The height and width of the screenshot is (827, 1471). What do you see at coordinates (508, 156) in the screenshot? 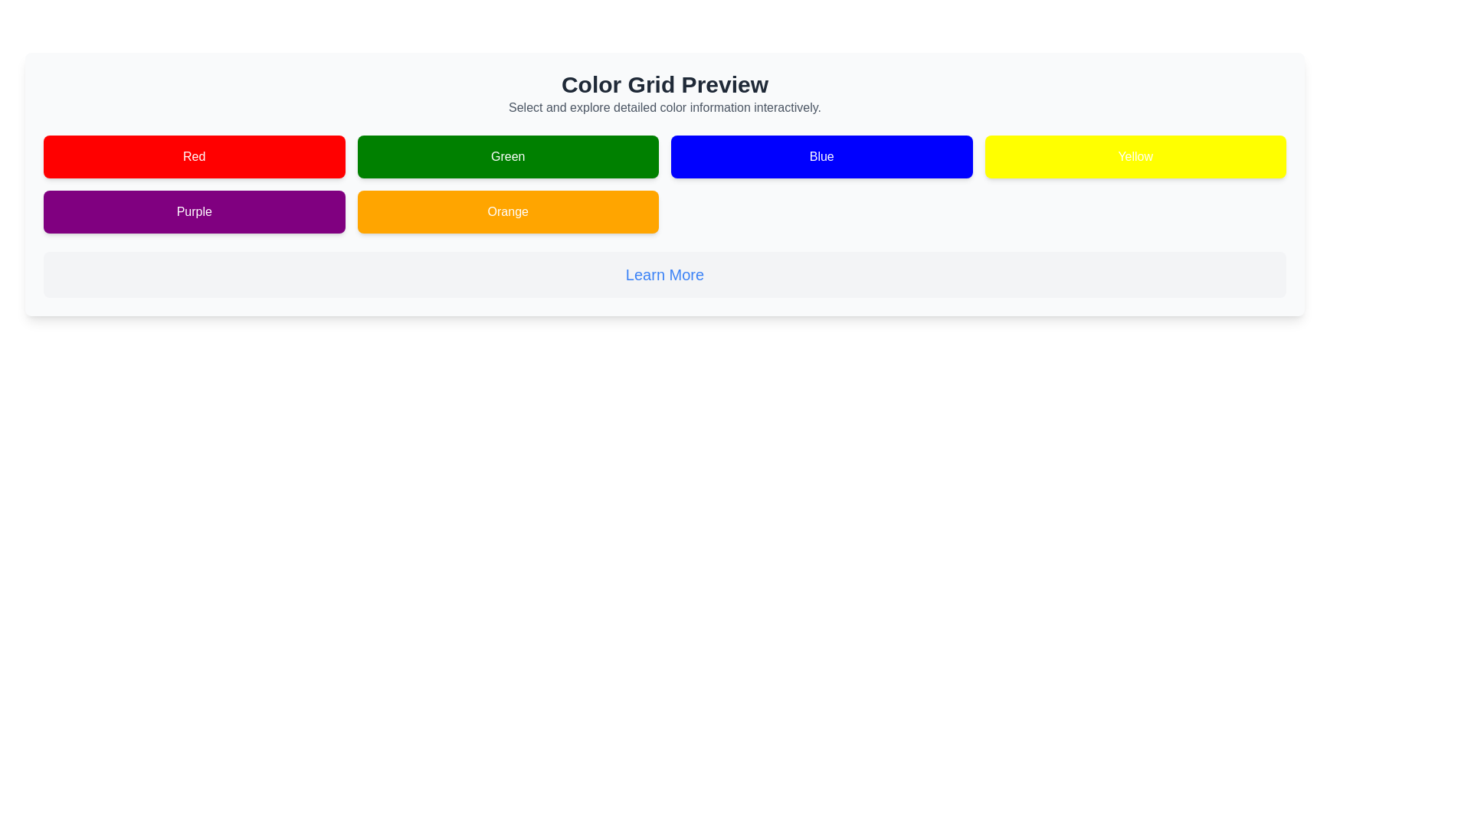
I see `the rectangular green button labeled 'Green'` at bounding box center [508, 156].